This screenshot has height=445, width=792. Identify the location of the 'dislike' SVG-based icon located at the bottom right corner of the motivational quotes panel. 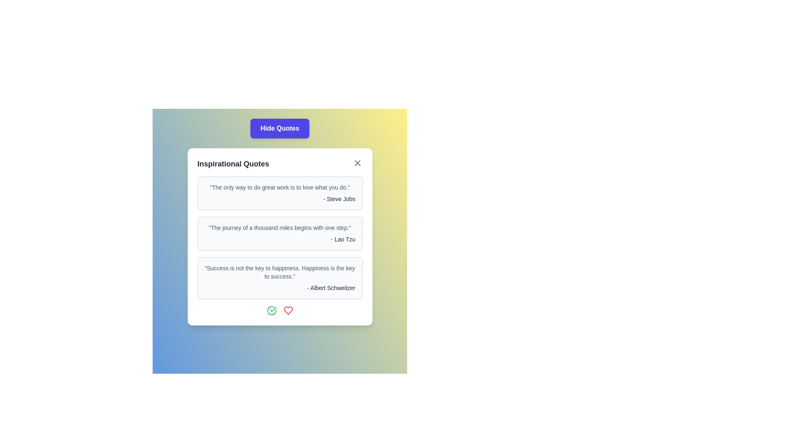
(288, 310).